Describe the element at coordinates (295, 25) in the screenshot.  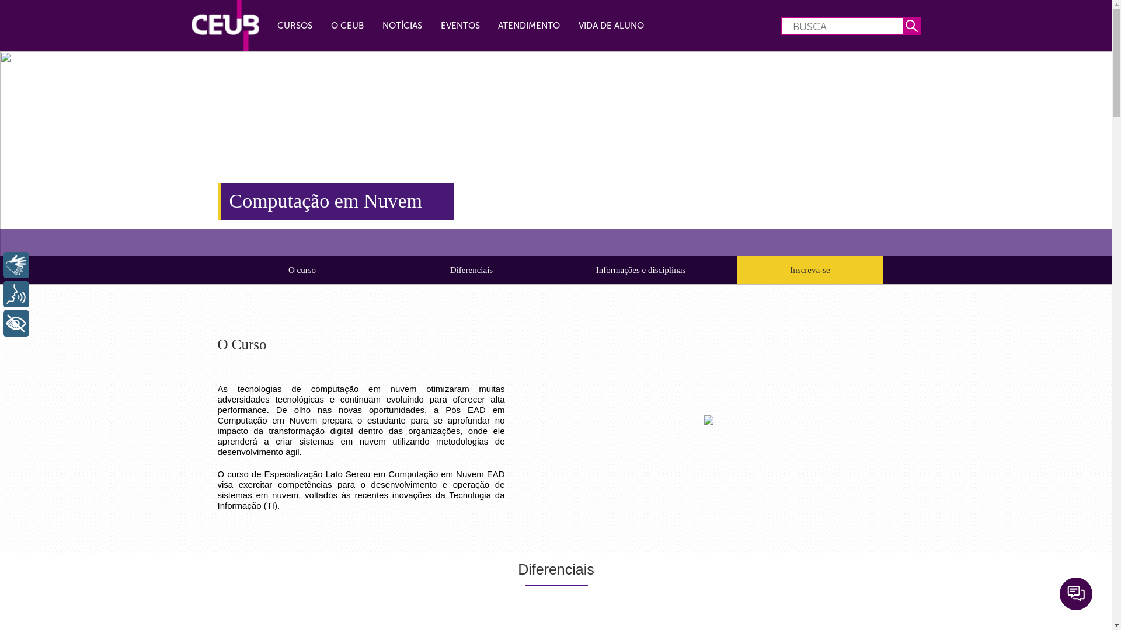
I see `'CURSOS'` at that location.